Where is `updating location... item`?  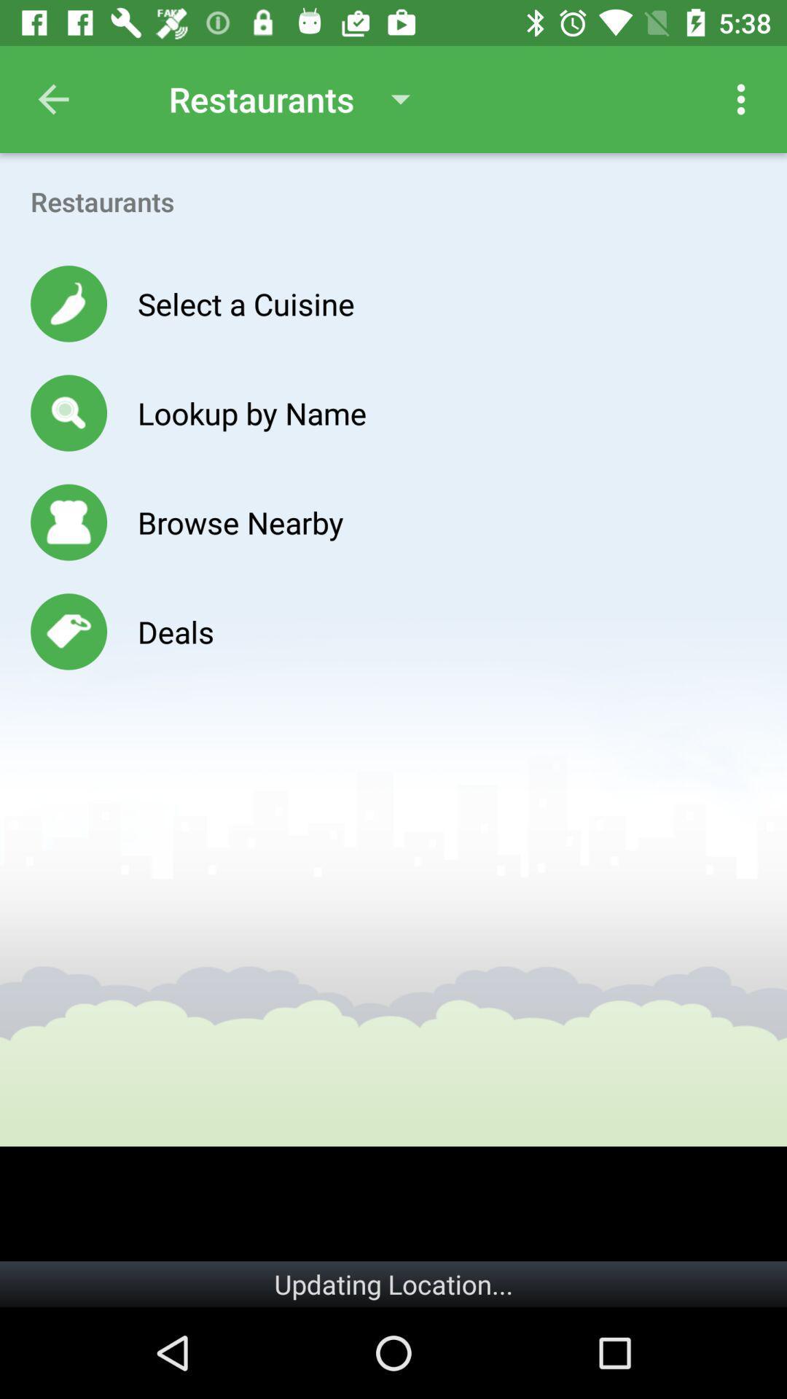 updating location... item is located at coordinates (393, 1284).